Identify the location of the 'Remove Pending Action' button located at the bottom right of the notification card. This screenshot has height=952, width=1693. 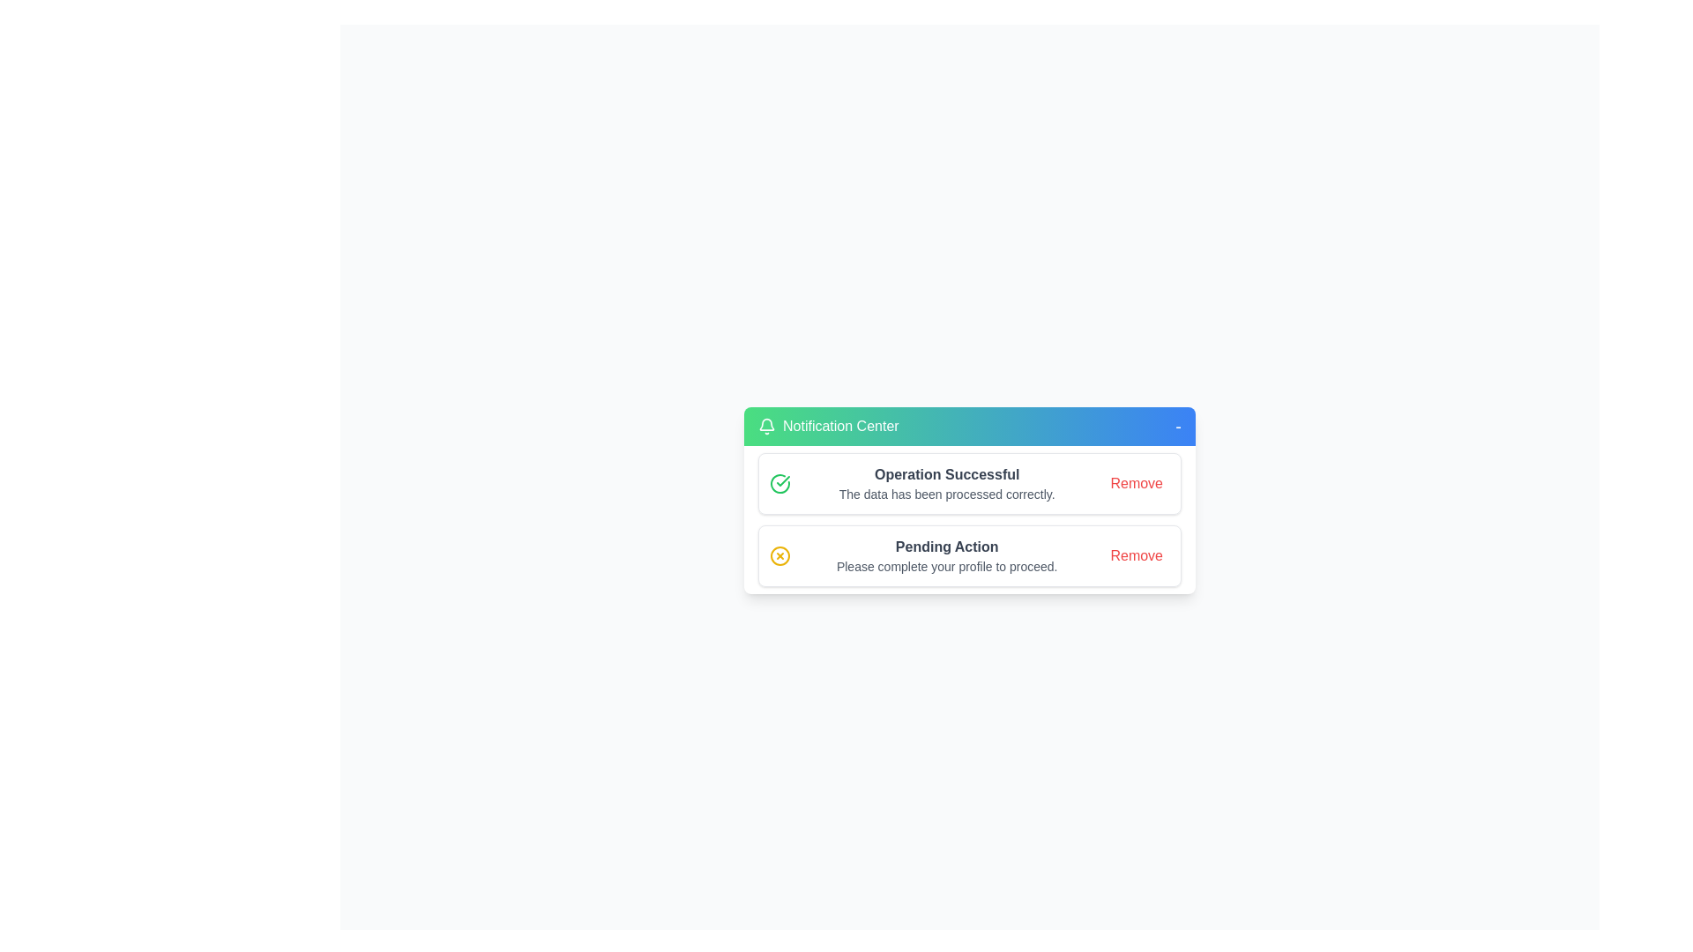
(1137, 556).